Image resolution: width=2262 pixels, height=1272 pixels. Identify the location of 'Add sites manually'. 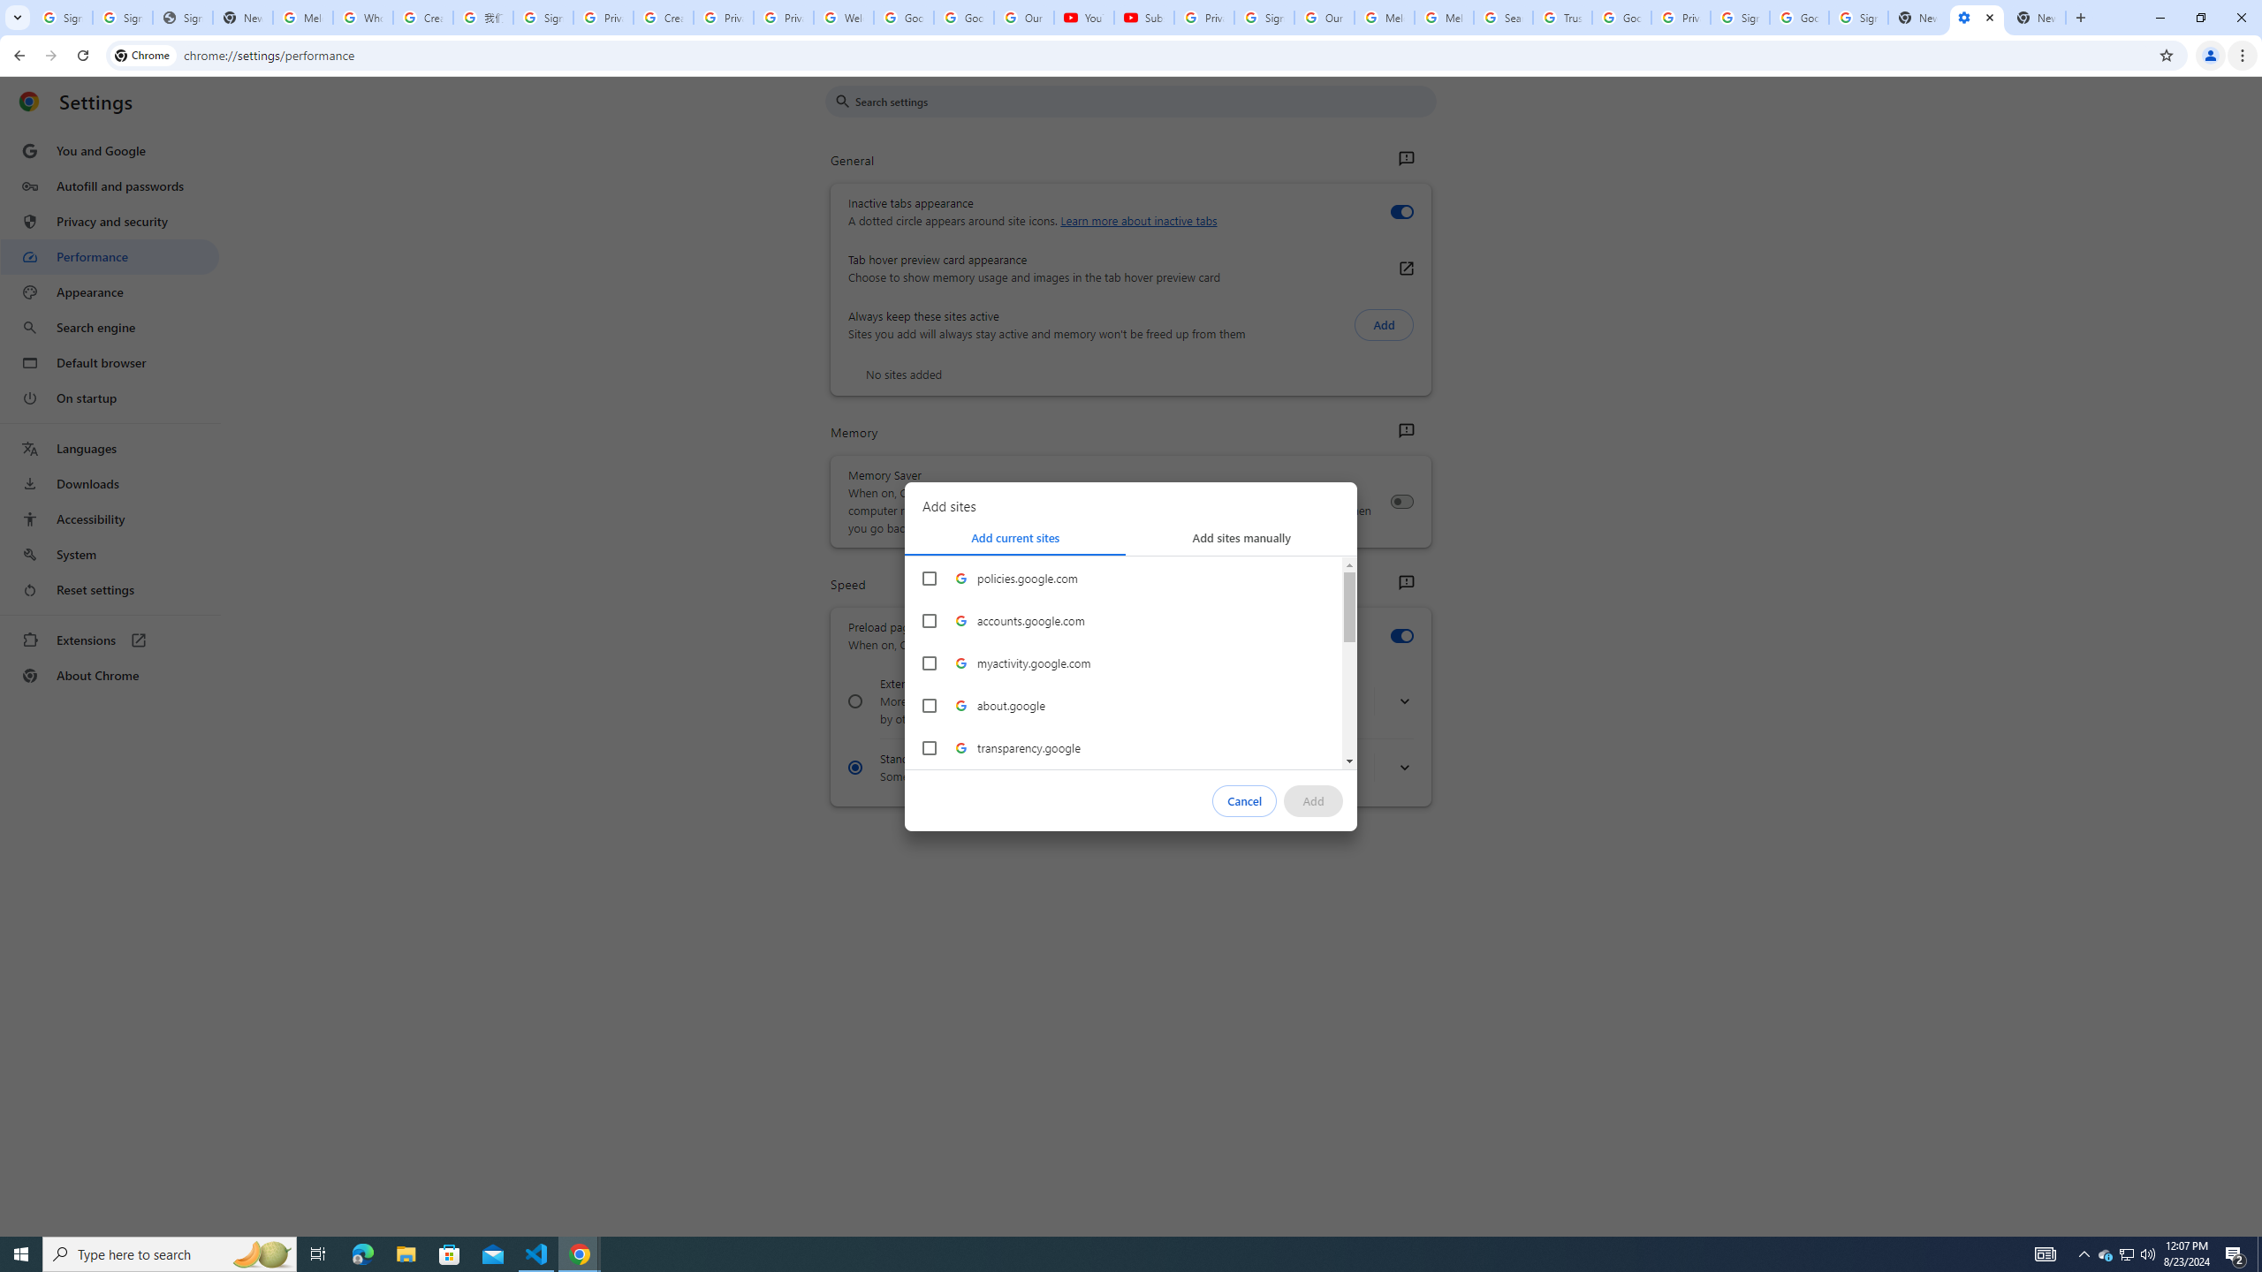
(1241, 537).